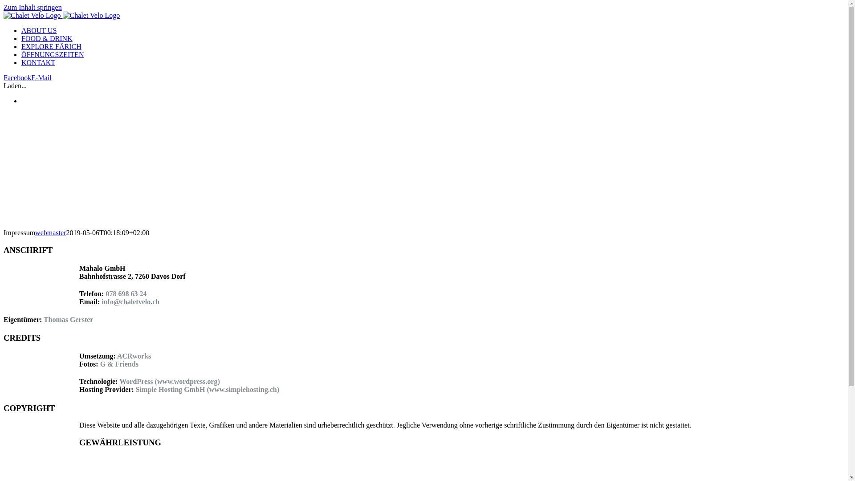 The height and width of the screenshot is (481, 855). I want to click on 'webmaster', so click(50, 232).